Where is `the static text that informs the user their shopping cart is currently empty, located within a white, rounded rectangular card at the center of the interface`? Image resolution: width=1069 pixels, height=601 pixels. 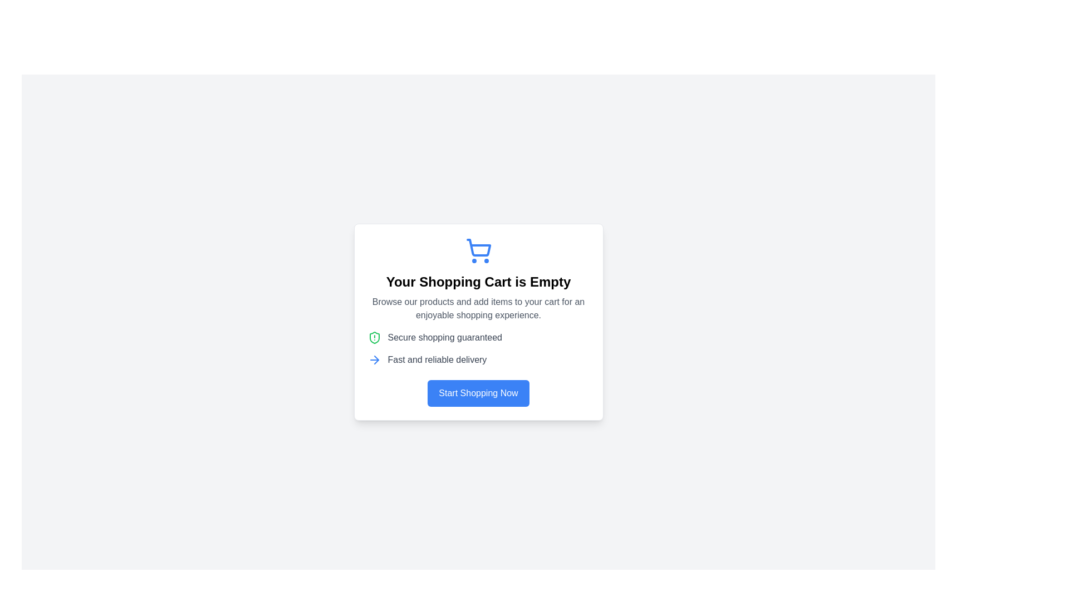
the static text that informs the user their shopping cart is currently empty, located within a white, rounded rectangular card at the center of the interface is located at coordinates (478, 281).